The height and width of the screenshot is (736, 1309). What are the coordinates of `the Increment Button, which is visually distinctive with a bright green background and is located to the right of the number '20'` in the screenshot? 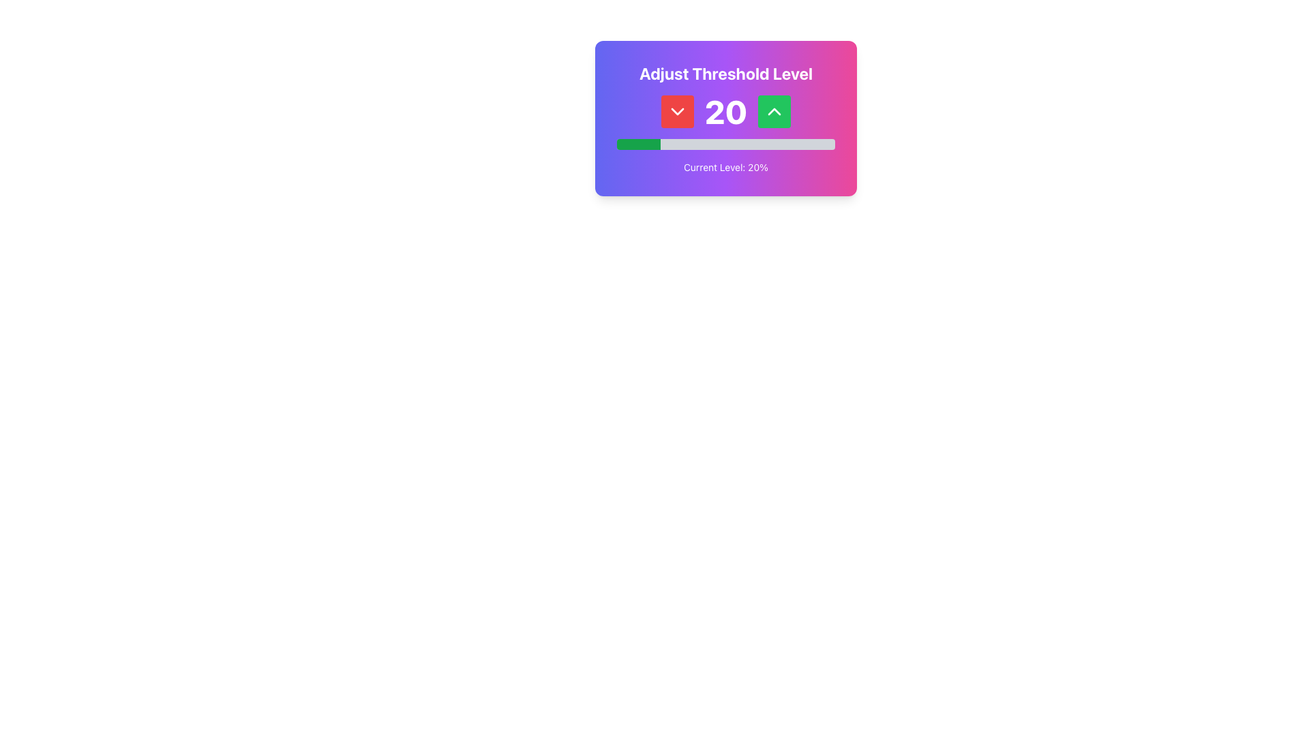 It's located at (774, 111).